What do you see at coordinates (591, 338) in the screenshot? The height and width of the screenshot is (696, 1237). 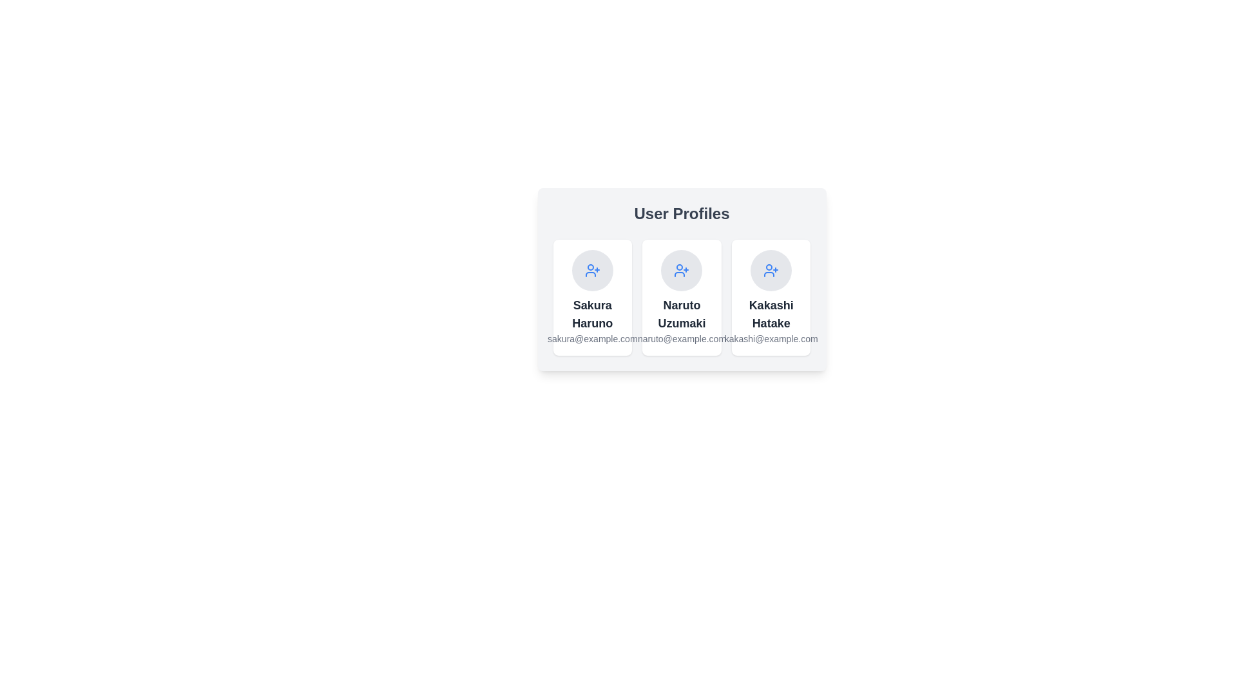 I see `the text label displaying the email address 'sakura@example.com', which is styled with a small-sized font and gray color, located beneath the name 'Sakura Haruno'` at bounding box center [591, 338].